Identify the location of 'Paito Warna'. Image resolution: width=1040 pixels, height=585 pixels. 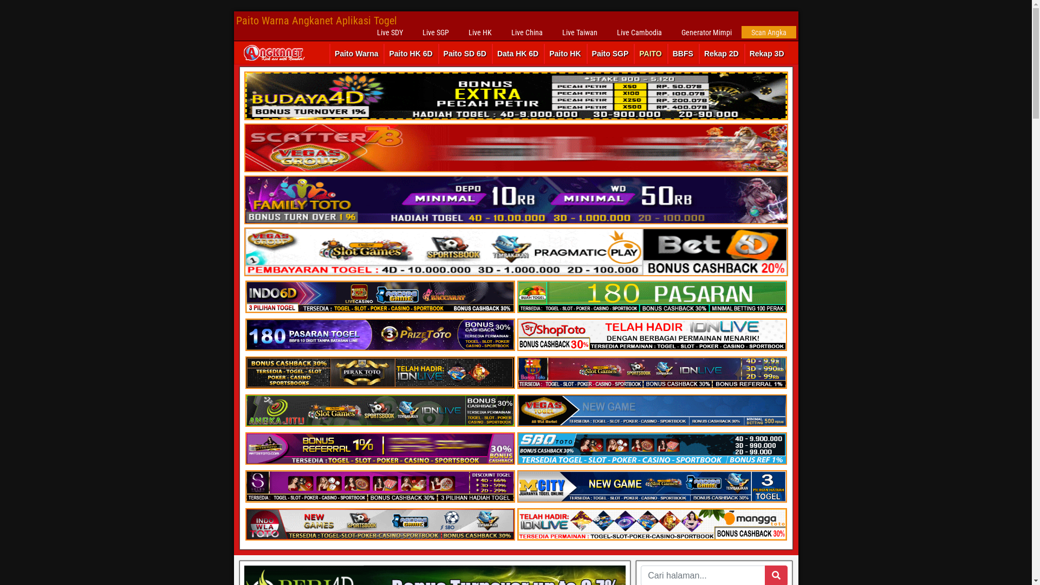
(356, 54).